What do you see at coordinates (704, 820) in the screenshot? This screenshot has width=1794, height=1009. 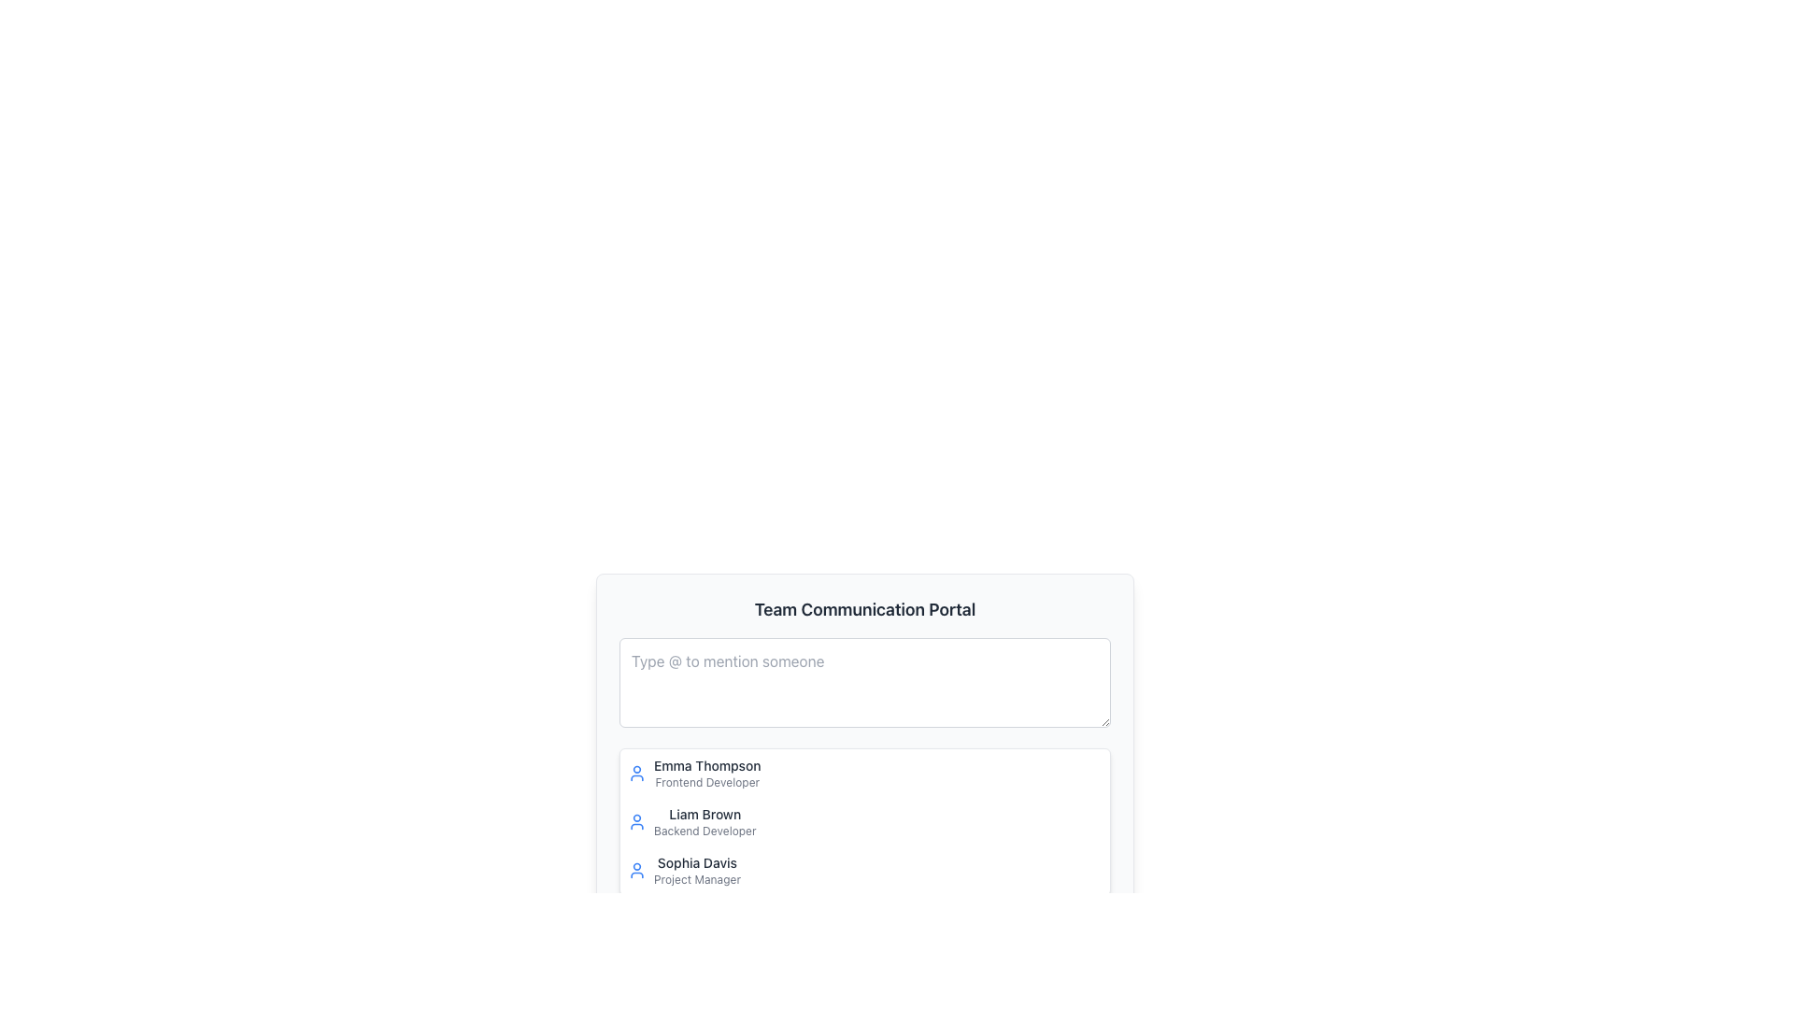 I see `the text content displaying 'Liam Brown' in bold, which is the second item in the sidebar list, located below 'Emma Thompson Frontend Developer' and above 'Sophia Davis Project Manager'` at bounding box center [704, 820].